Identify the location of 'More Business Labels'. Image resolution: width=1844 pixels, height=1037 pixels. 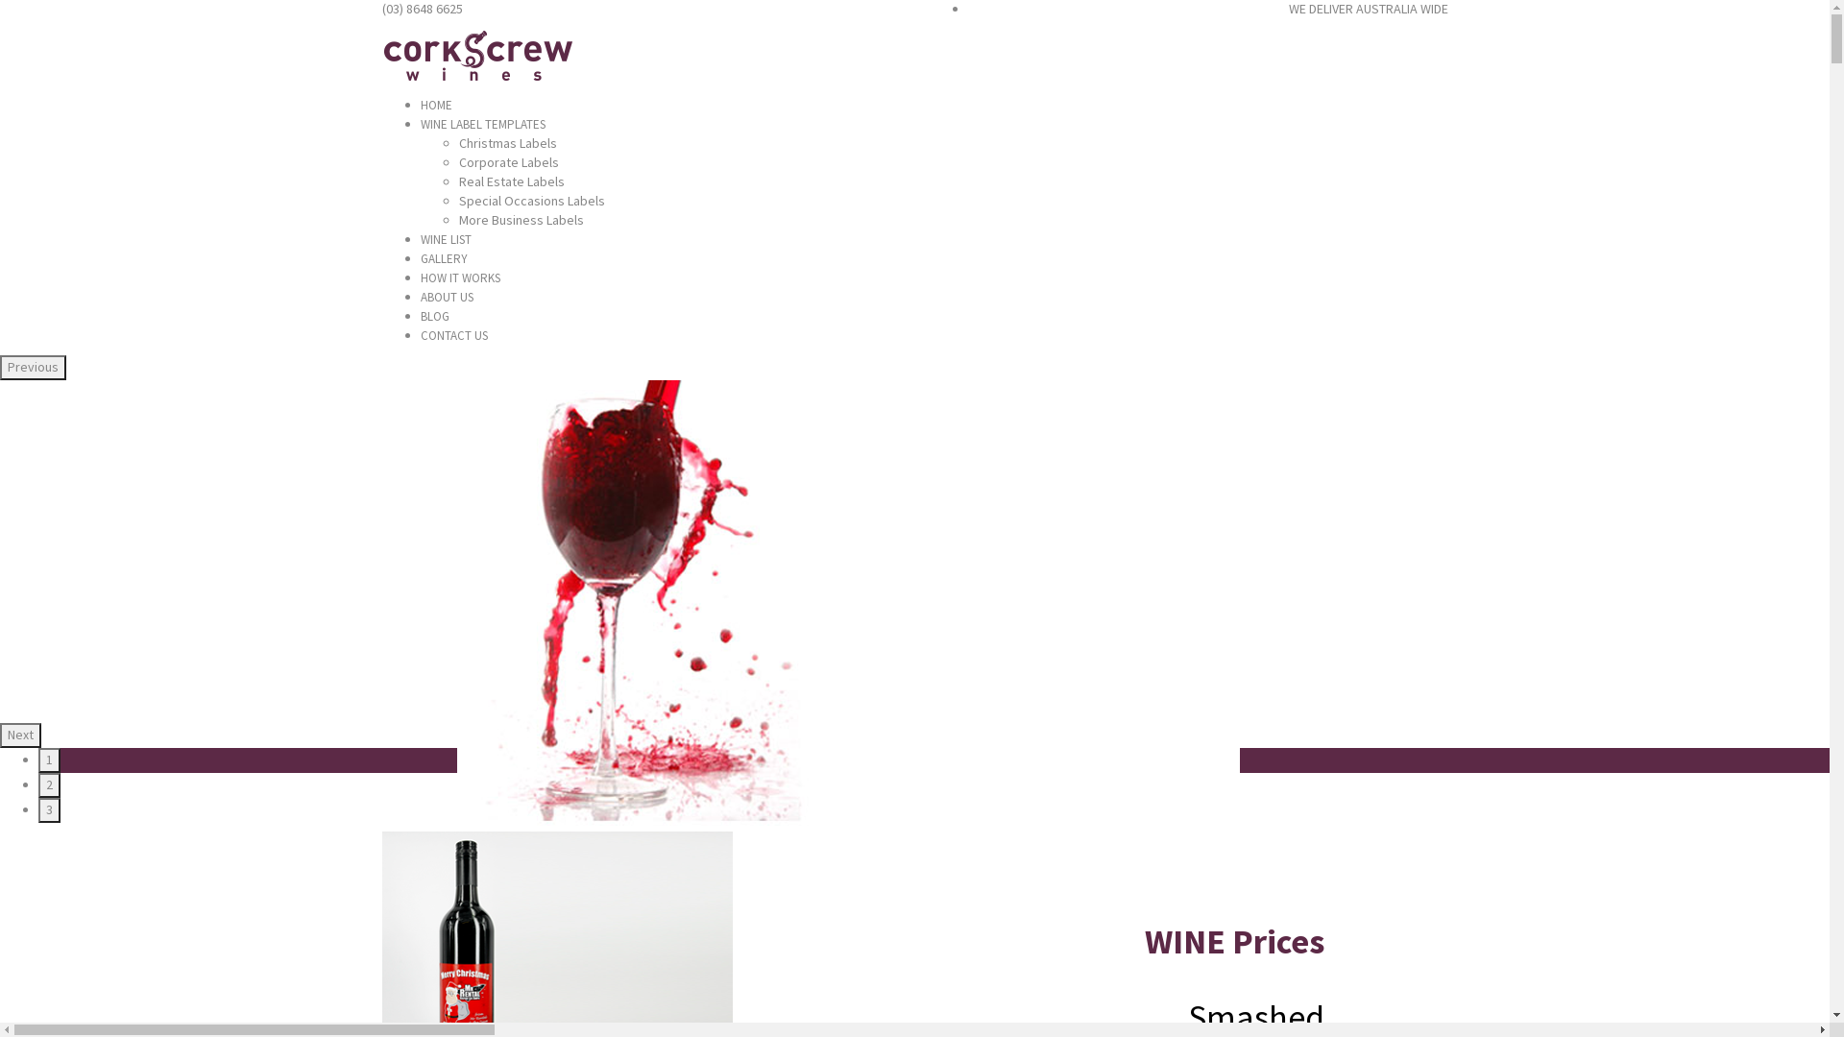
(521, 218).